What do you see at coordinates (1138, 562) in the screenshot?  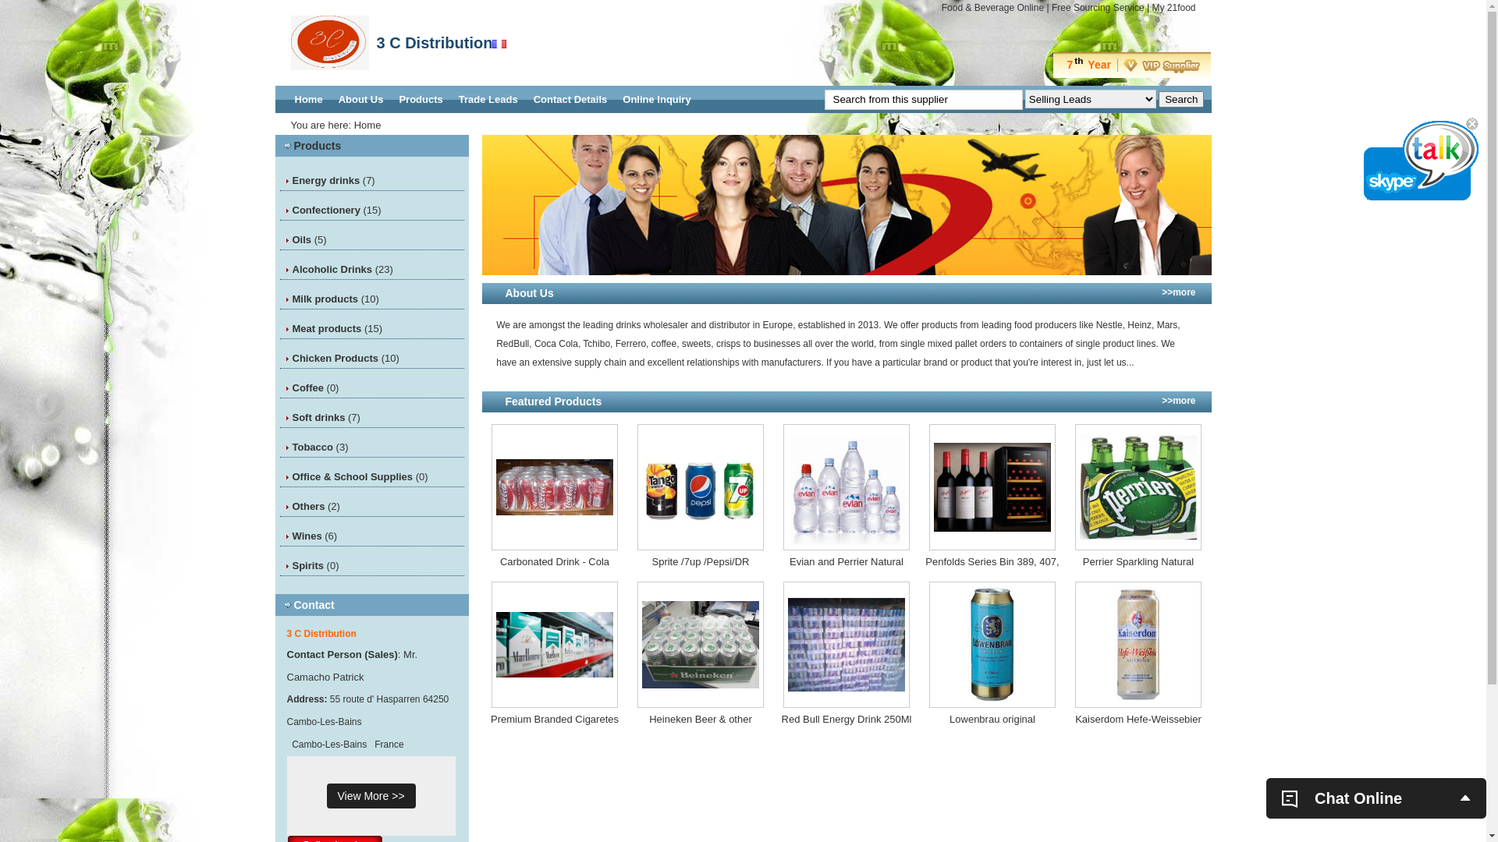 I see `'Perrier Sparkling Natural Mineral Water'` at bounding box center [1138, 562].